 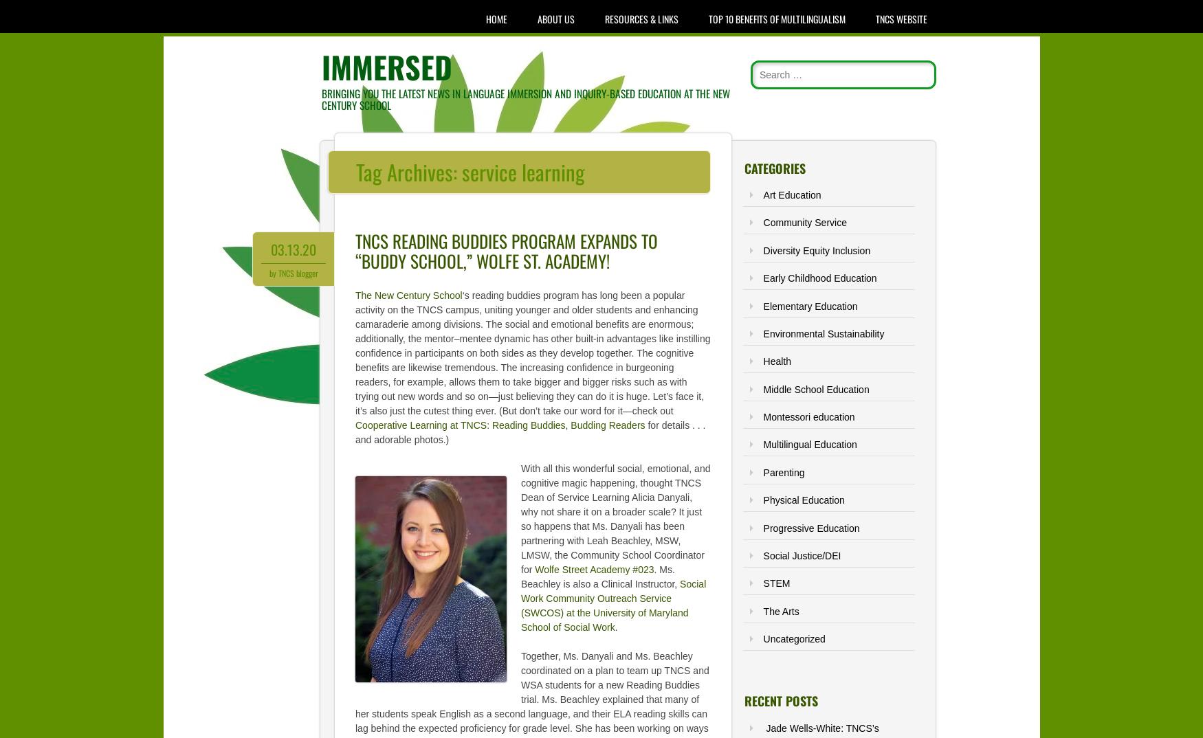 What do you see at coordinates (763, 471) in the screenshot?
I see `'Parenting'` at bounding box center [763, 471].